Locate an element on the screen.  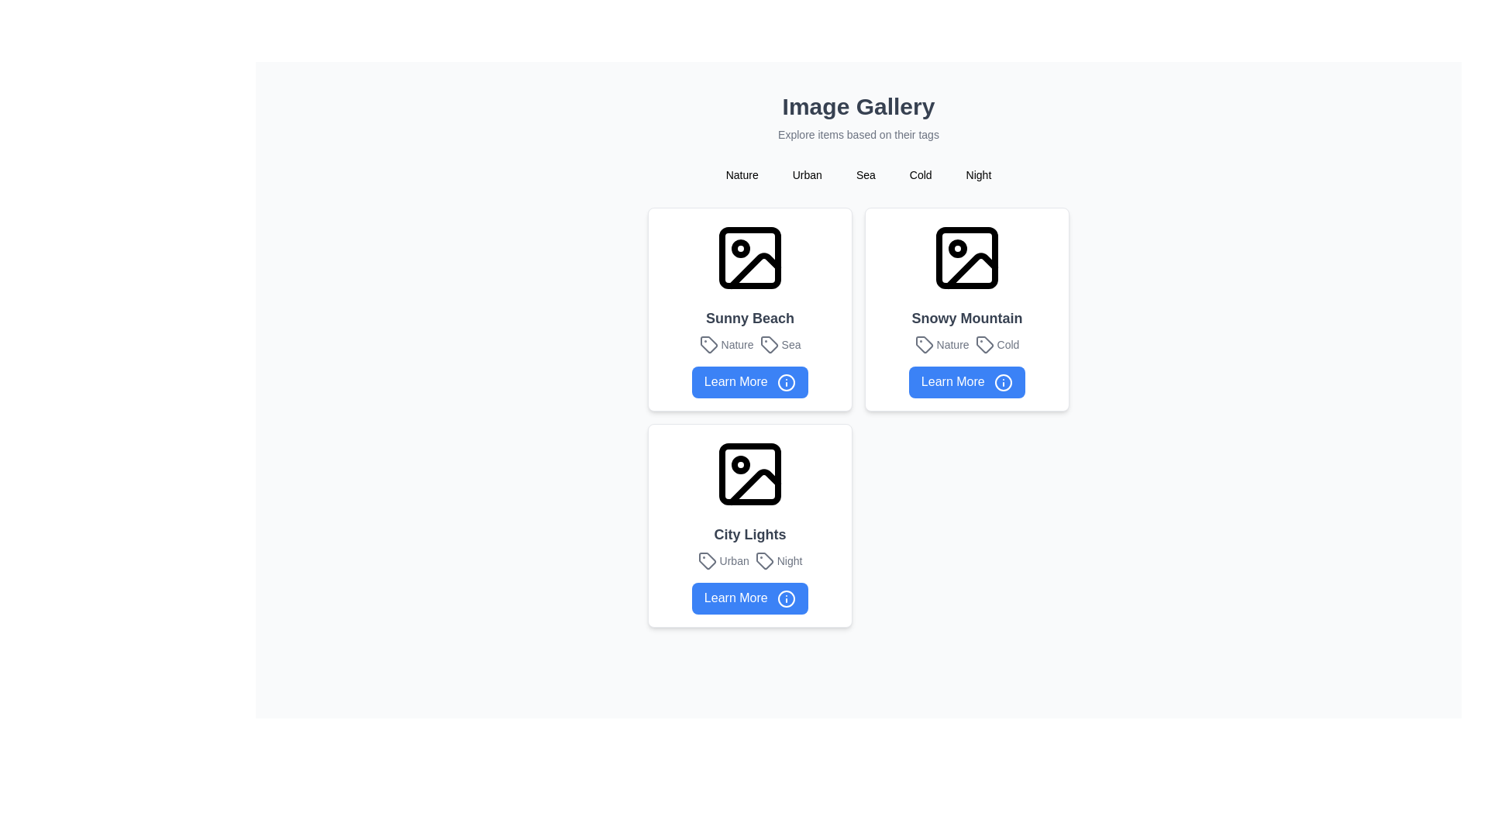
the 'Cold' filter button, which is the fourth button in a horizontal group of tags located near the top of the page is located at coordinates (921, 174).